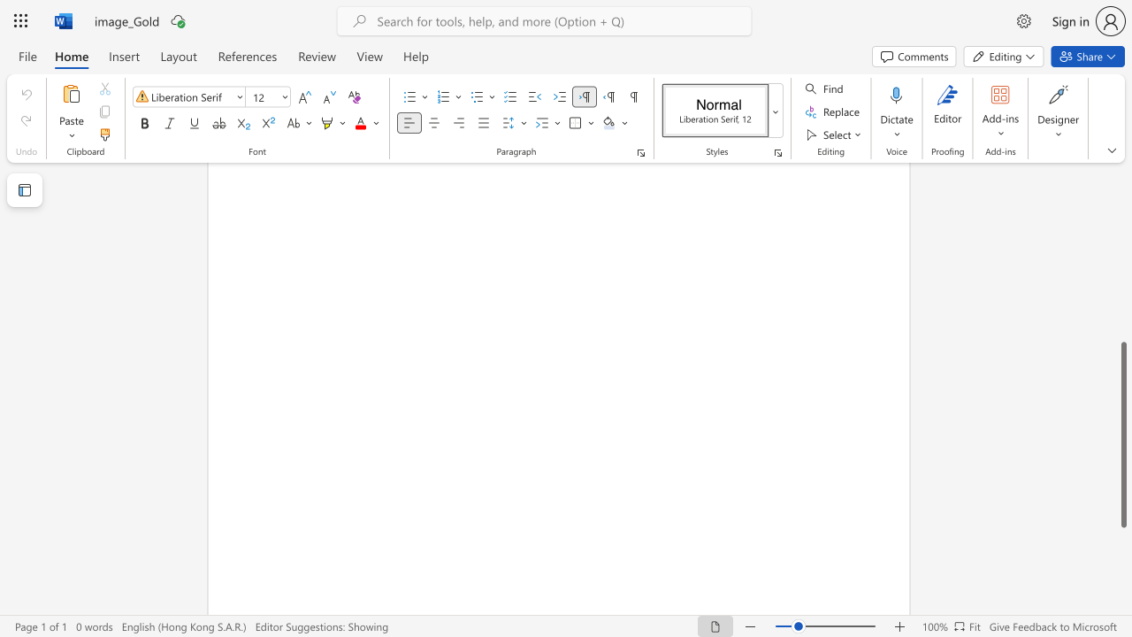  Describe the element at coordinates (1122, 239) in the screenshot. I see `the scrollbar on the right` at that location.